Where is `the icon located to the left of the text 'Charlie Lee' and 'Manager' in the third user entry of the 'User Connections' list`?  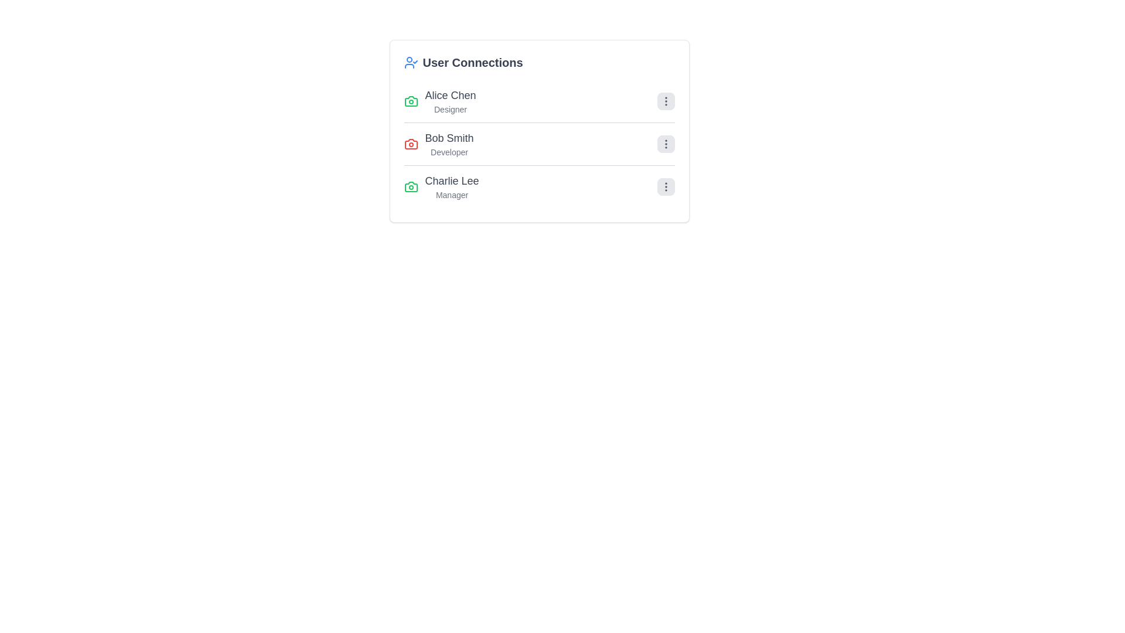
the icon located to the left of the text 'Charlie Lee' and 'Manager' in the third user entry of the 'User Connections' list is located at coordinates (411, 186).